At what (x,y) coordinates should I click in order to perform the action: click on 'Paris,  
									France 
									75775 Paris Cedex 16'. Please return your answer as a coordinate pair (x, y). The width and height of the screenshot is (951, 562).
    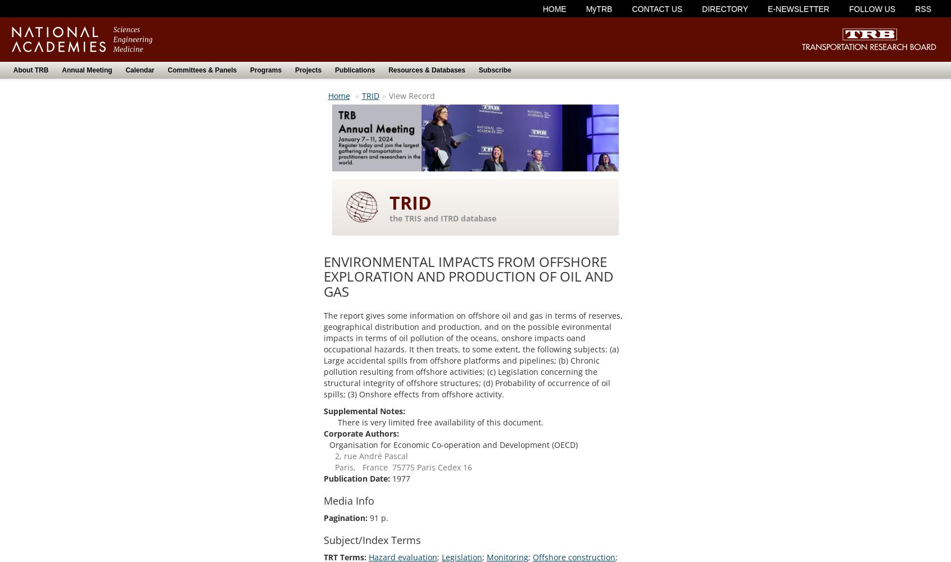
    Looking at the image, I should click on (334, 466).